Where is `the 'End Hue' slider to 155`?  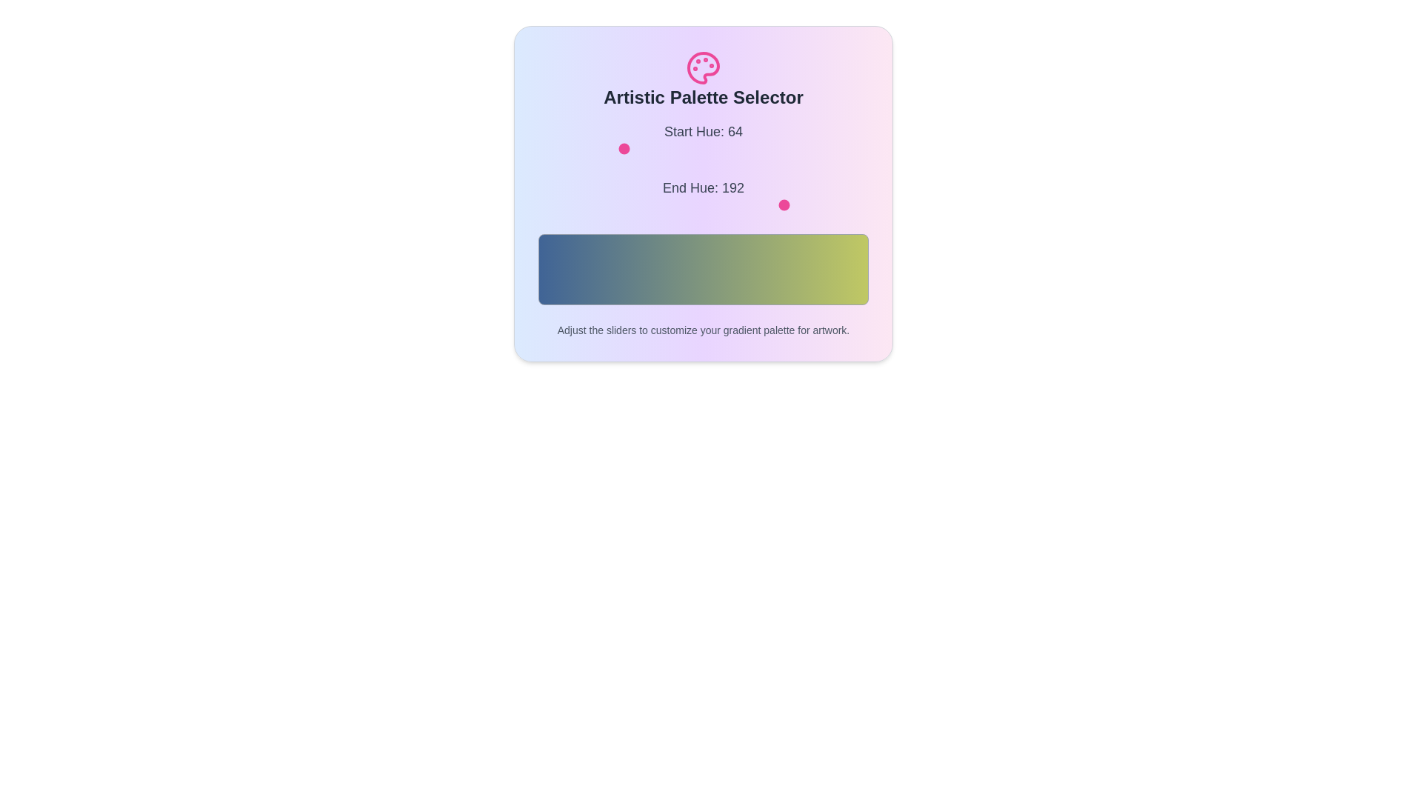 the 'End Hue' slider to 155 is located at coordinates (739, 205).